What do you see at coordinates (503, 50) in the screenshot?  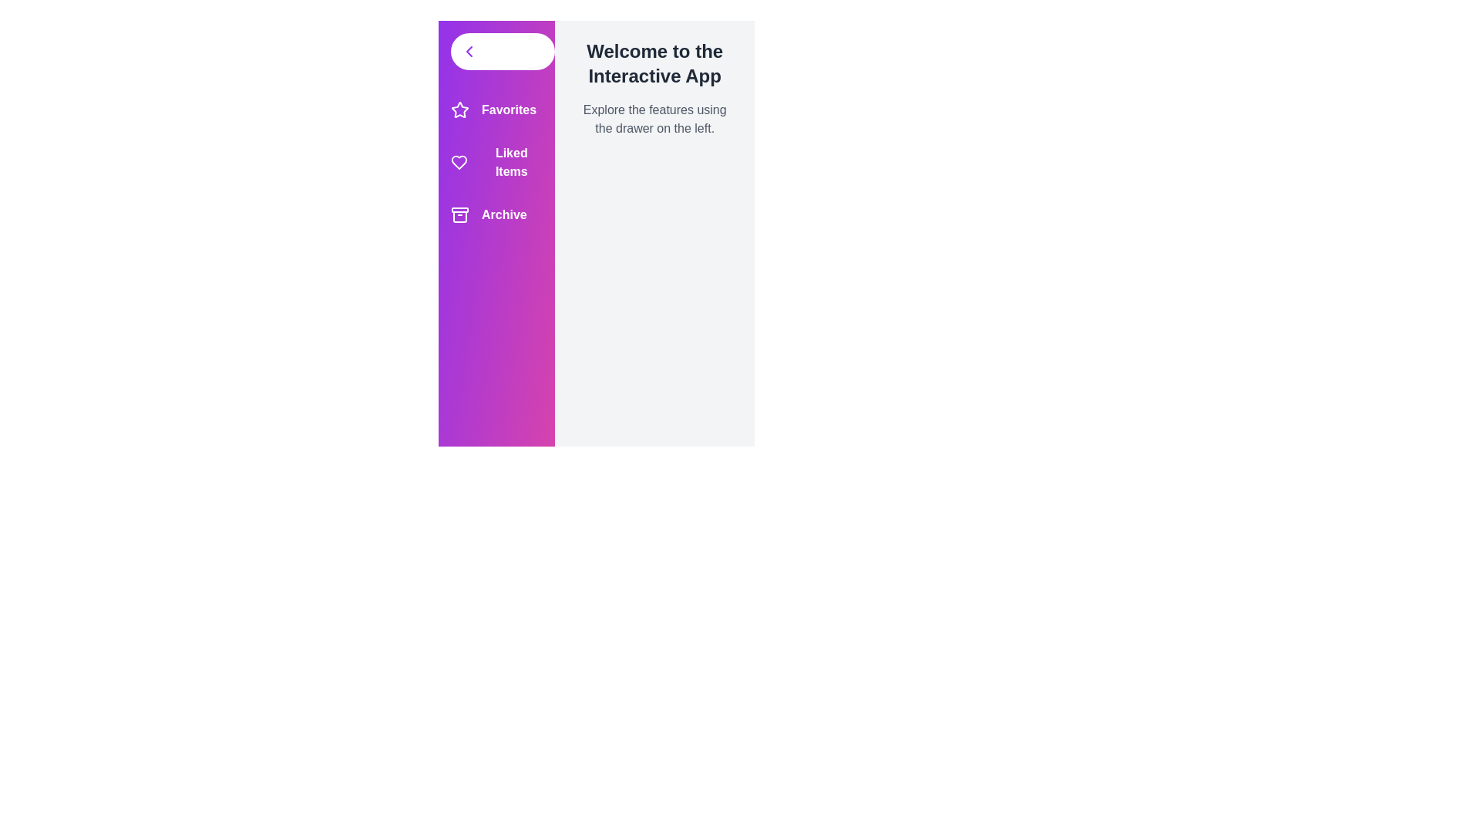 I see `the toggle button to change the drawer state` at bounding box center [503, 50].